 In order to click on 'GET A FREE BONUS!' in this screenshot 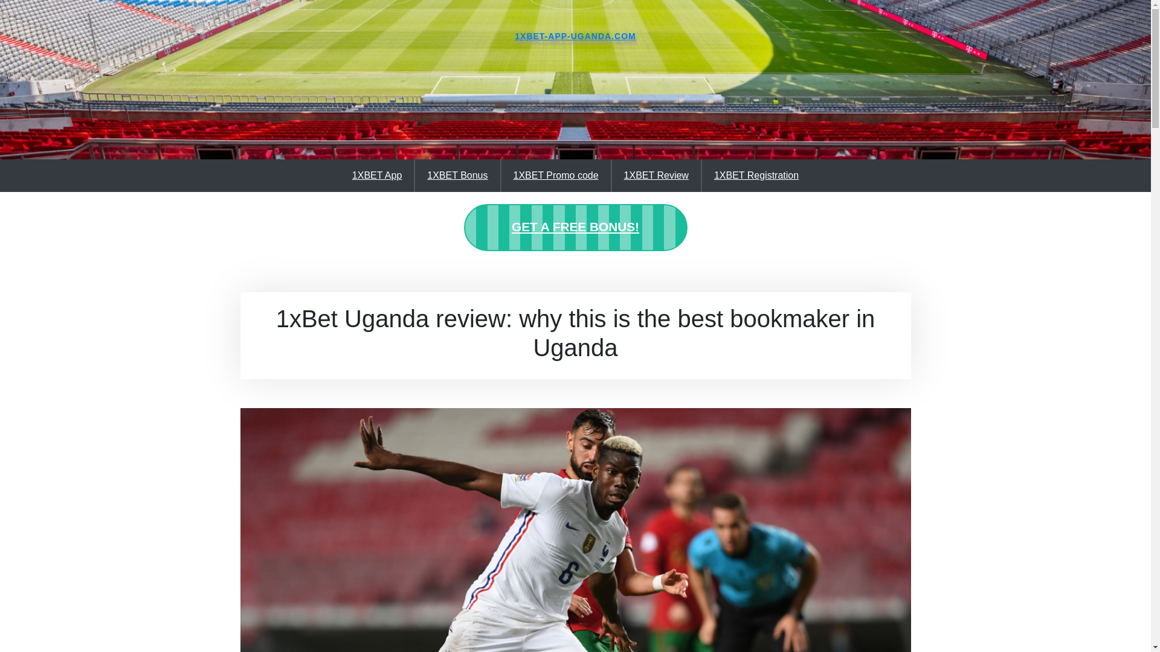, I will do `click(575, 228)`.